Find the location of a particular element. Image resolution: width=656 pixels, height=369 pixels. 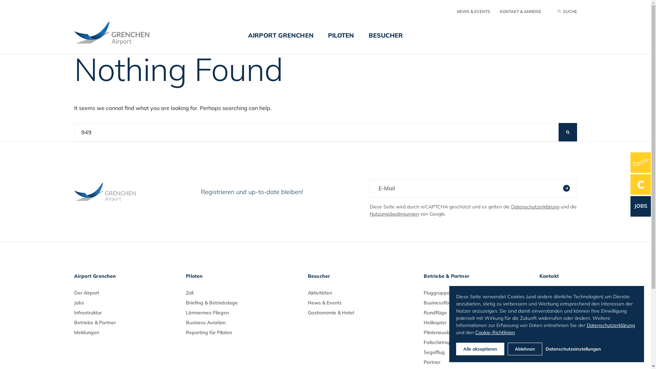

'Segelflug' is located at coordinates (423, 352).